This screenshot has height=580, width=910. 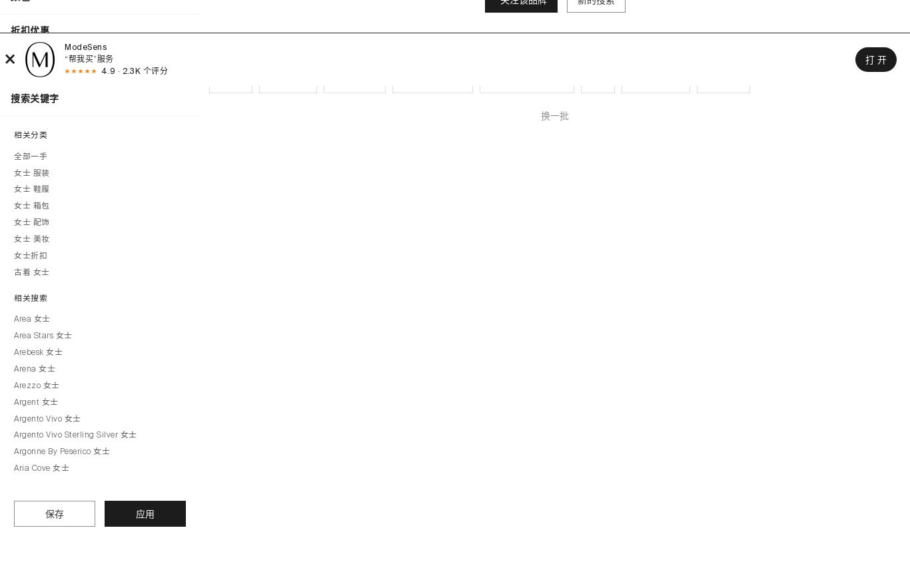 What do you see at coordinates (75, 435) in the screenshot?
I see `'Argento Vivo Sterling Silver 女士'` at bounding box center [75, 435].